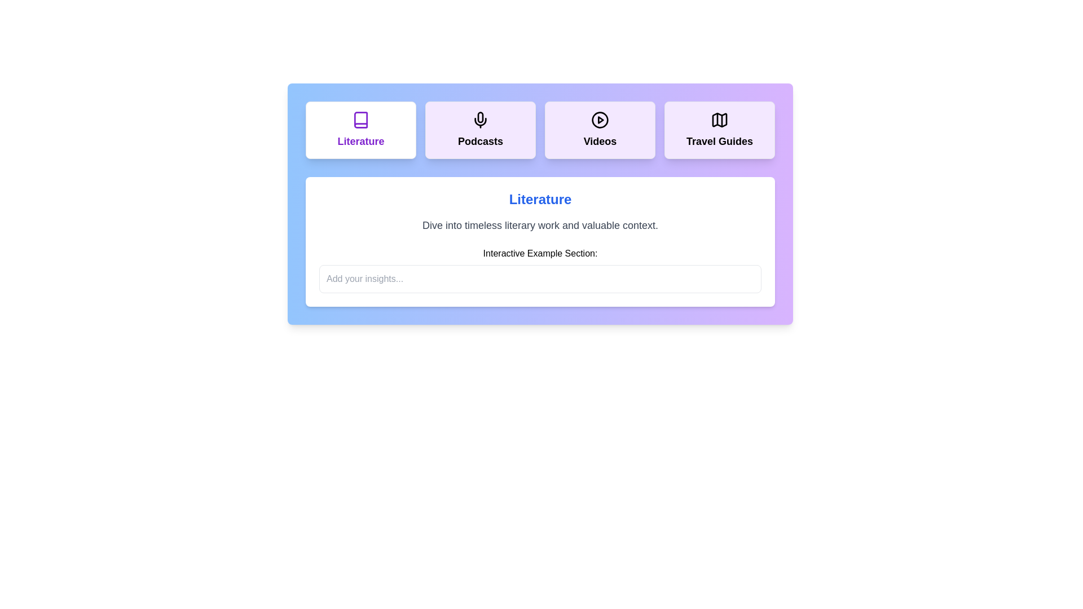 This screenshot has width=1083, height=609. Describe the element at coordinates (480, 130) in the screenshot. I see `the tab titled 'Podcasts'` at that location.